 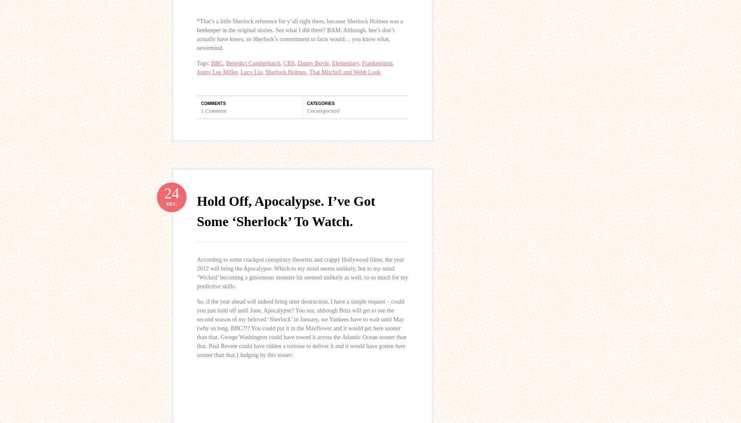 What do you see at coordinates (196, 72) in the screenshot?
I see `'Jonny Lee Miller'` at bounding box center [196, 72].